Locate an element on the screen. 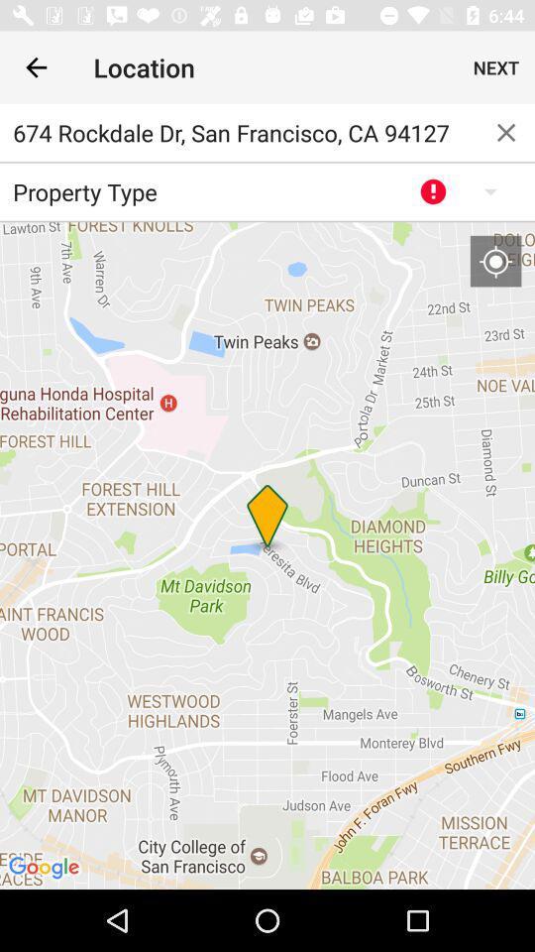 The image size is (535, 952). center map is located at coordinates (494, 260).